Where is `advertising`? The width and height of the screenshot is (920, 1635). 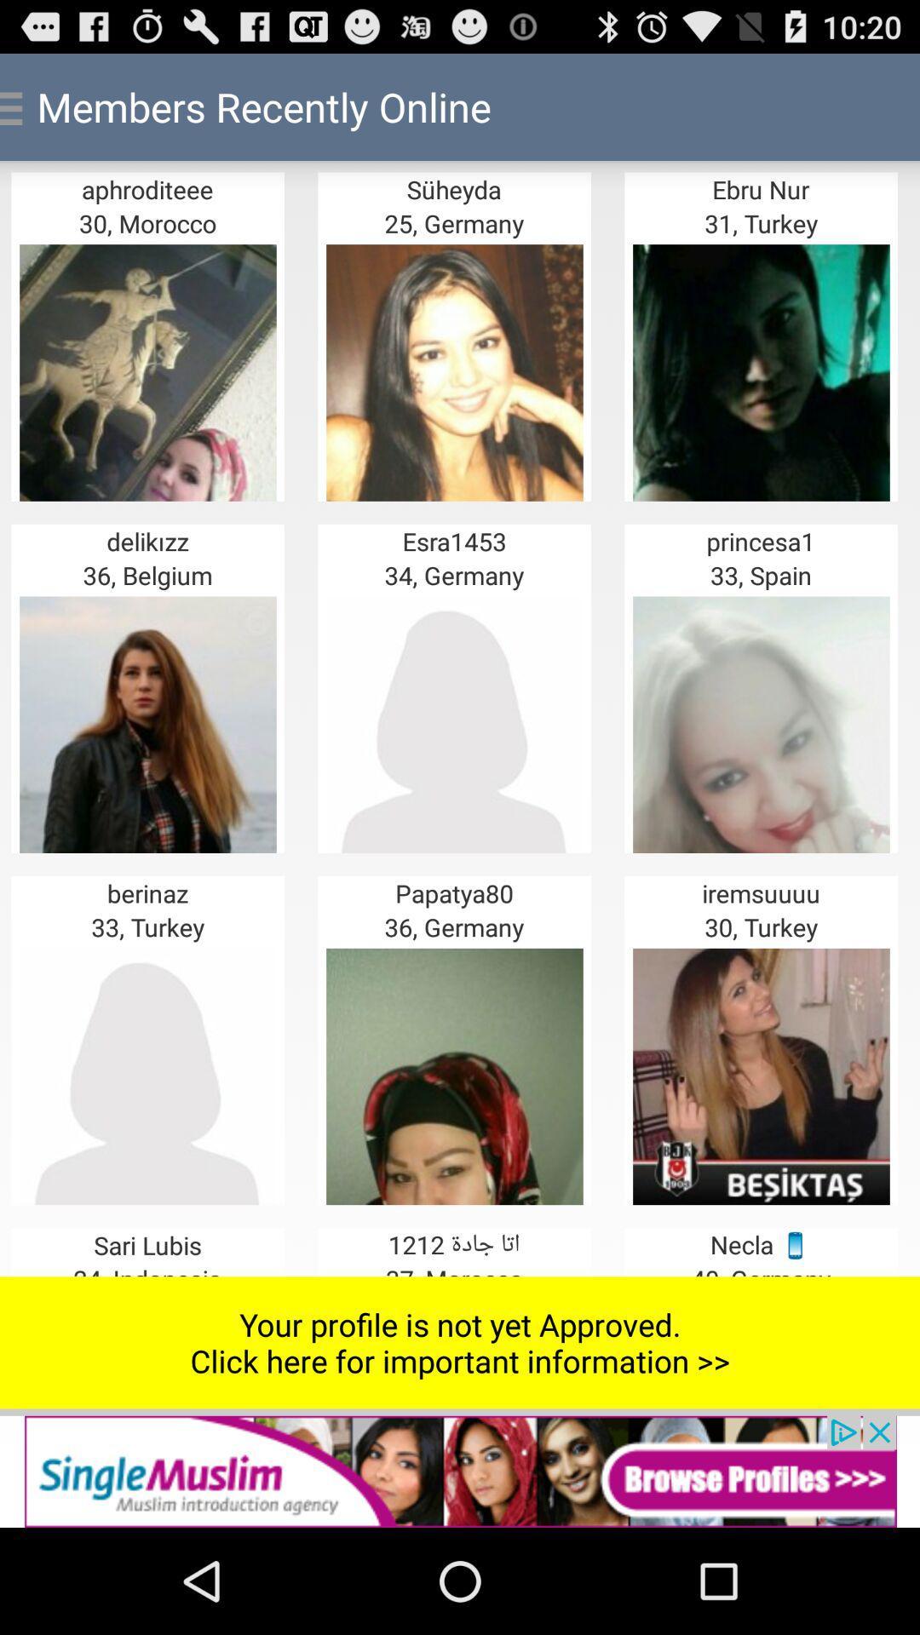
advertising is located at coordinates (460, 1471).